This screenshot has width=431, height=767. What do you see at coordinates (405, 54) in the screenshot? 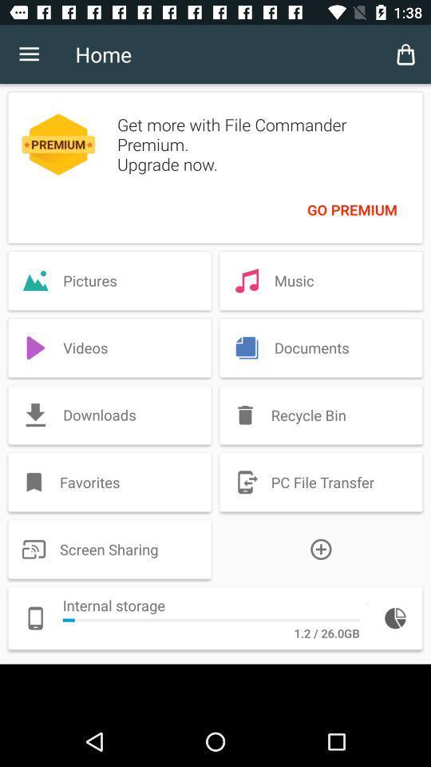
I see `item next to home item` at bounding box center [405, 54].